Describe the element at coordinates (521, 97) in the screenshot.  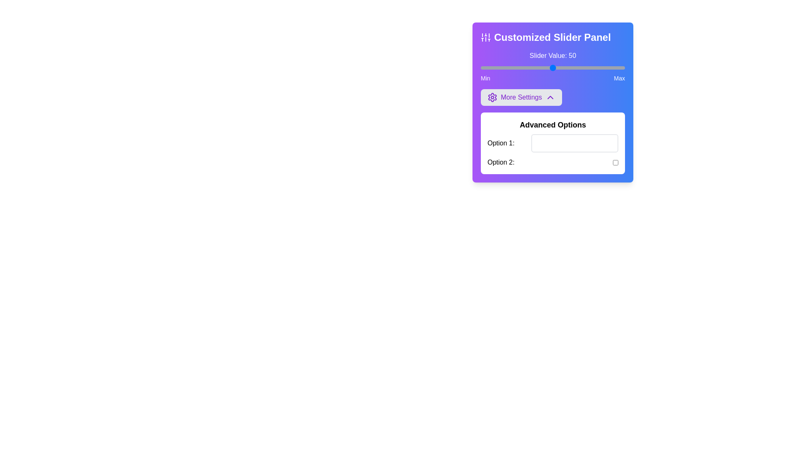
I see `the button that toggles the visibility of the 'Advanced Options' section` at that location.